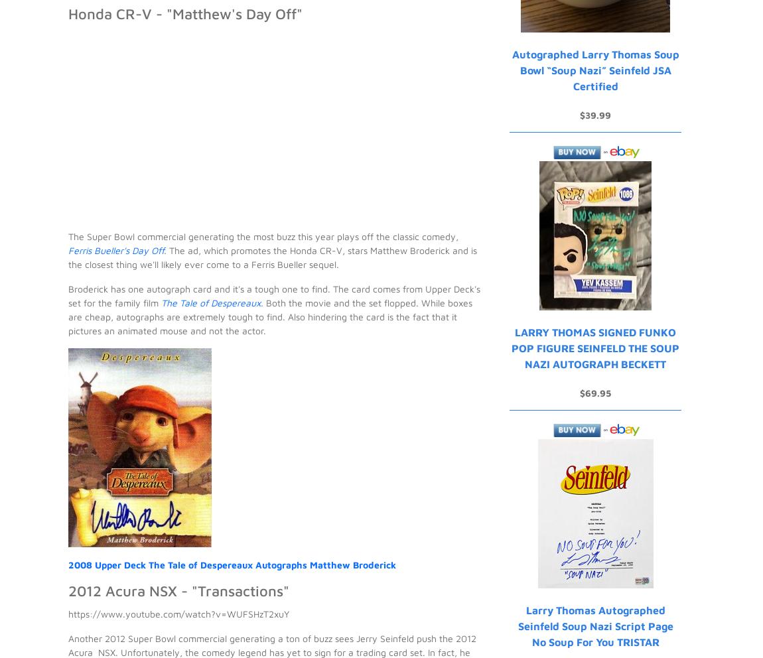  What do you see at coordinates (90, 278) in the screenshot?
I see `'Email              (required)'` at bounding box center [90, 278].